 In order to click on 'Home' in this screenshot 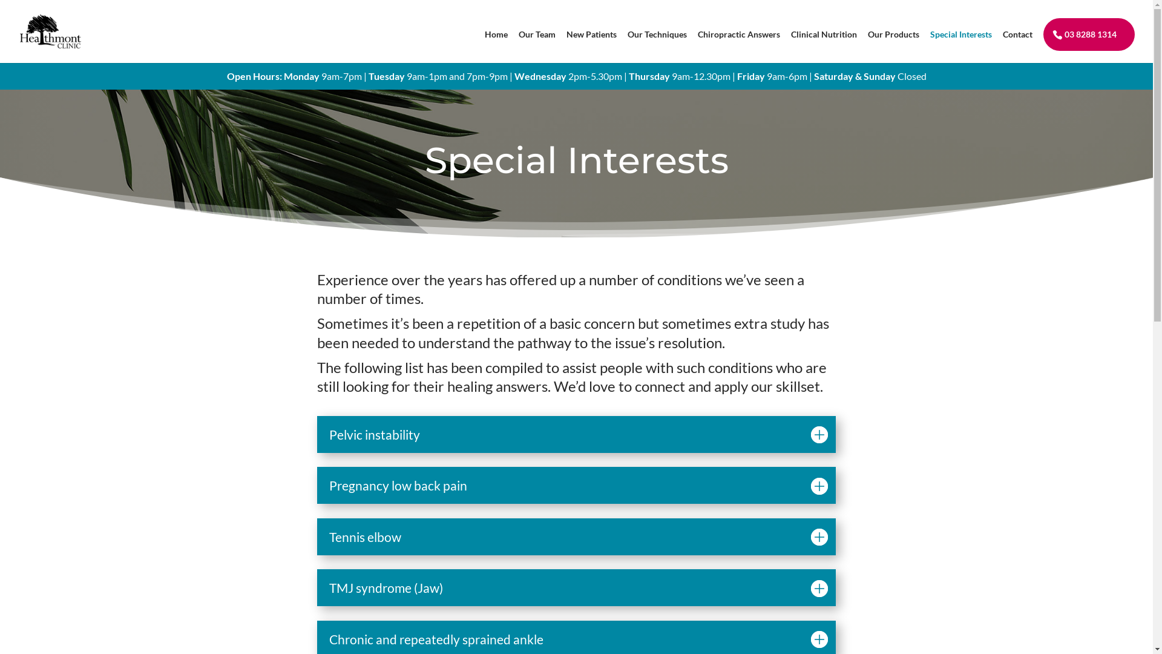, I will do `click(496, 43)`.